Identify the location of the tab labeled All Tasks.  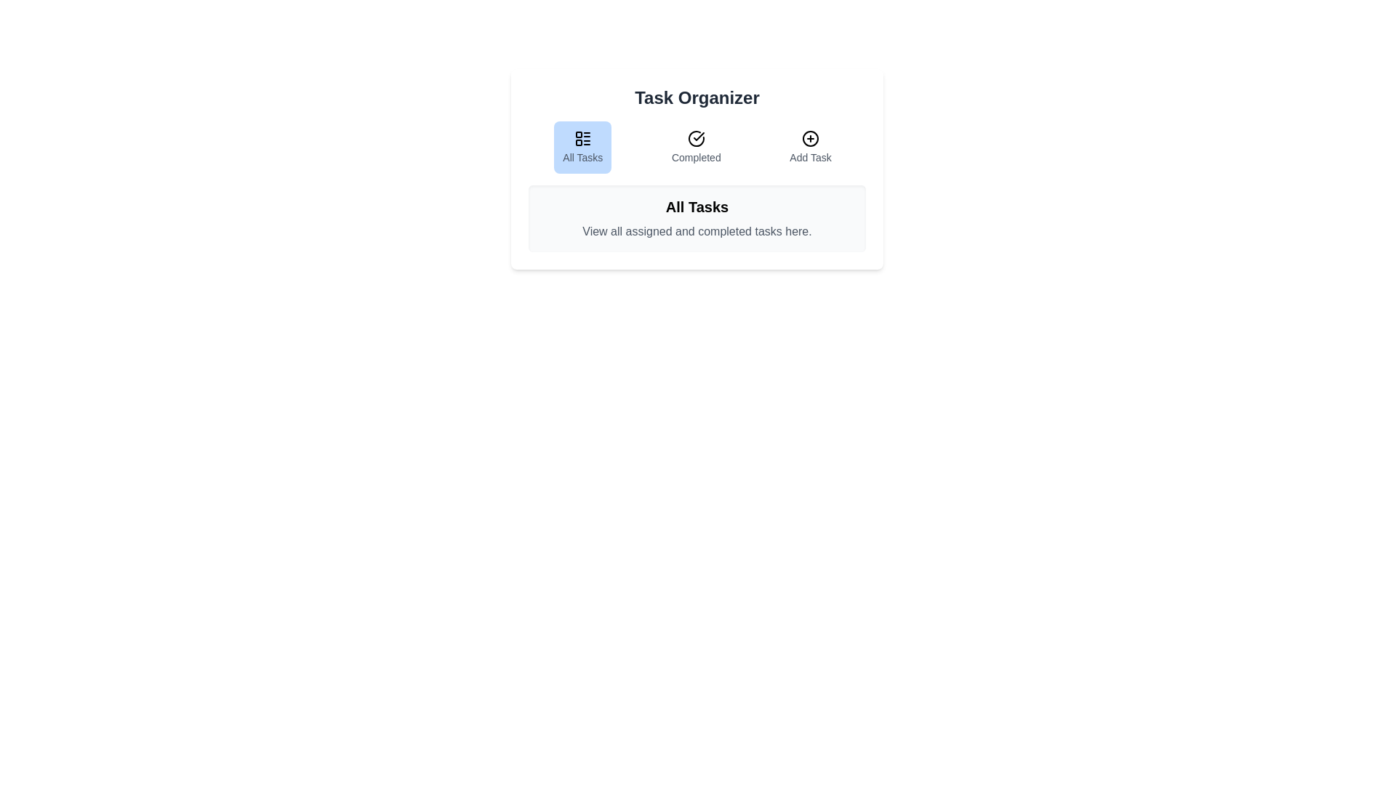
(582, 148).